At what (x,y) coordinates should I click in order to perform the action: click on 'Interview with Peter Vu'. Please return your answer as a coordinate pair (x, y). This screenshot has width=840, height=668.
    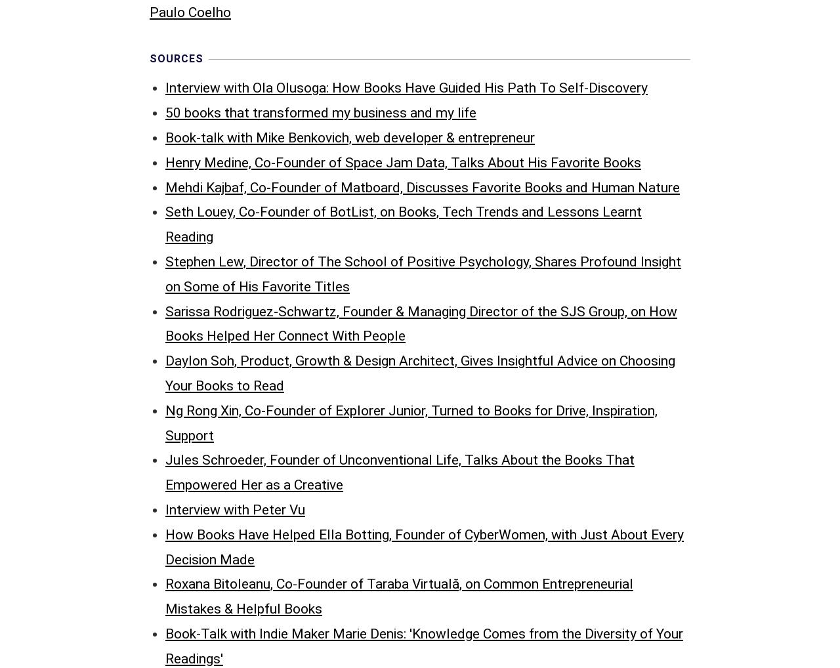
    Looking at the image, I should click on (235, 236).